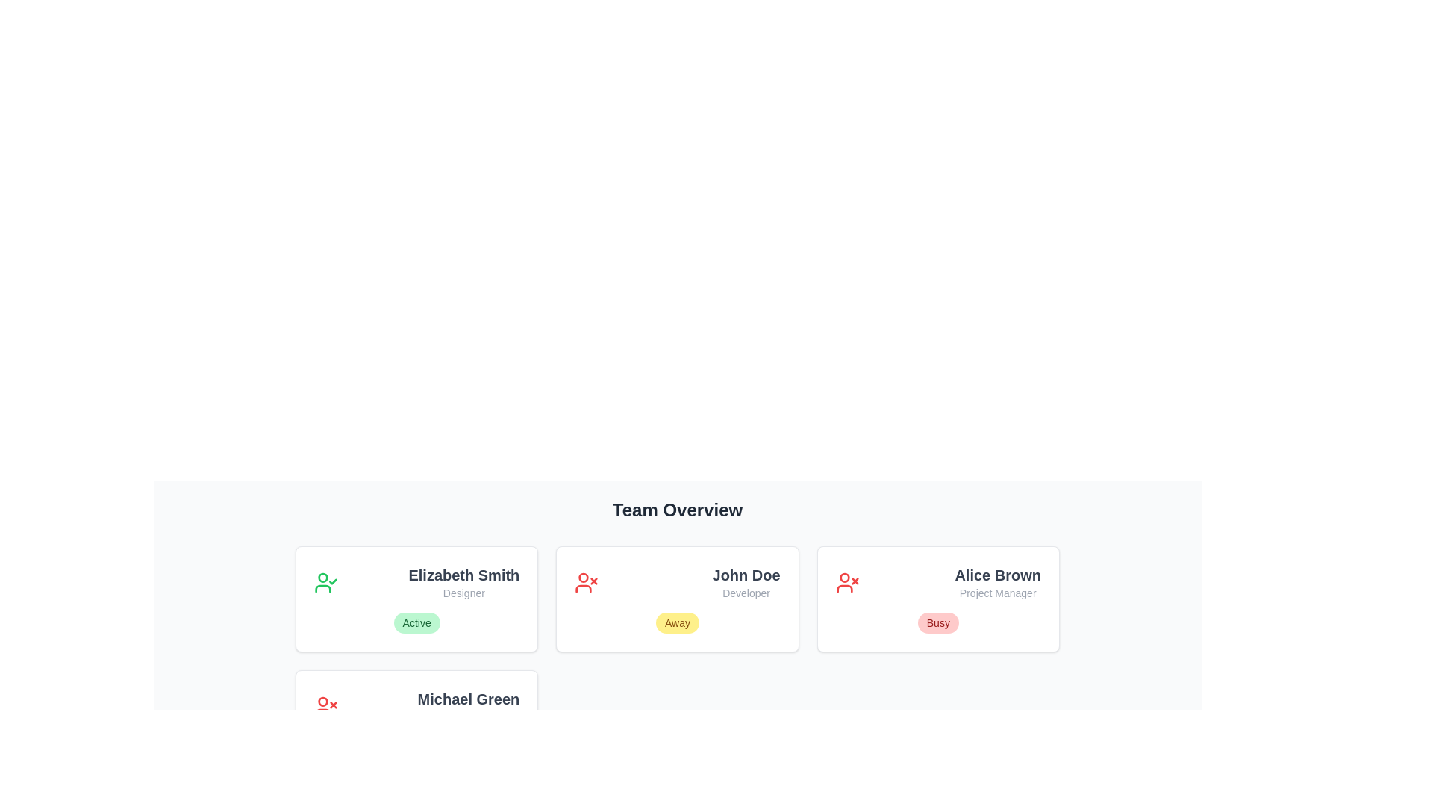  What do you see at coordinates (416, 581) in the screenshot?
I see `text content displayed in the text display element that shows 'Elizabeth Smith' and her role 'Designer' within the Team Overview card` at bounding box center [416, 581].